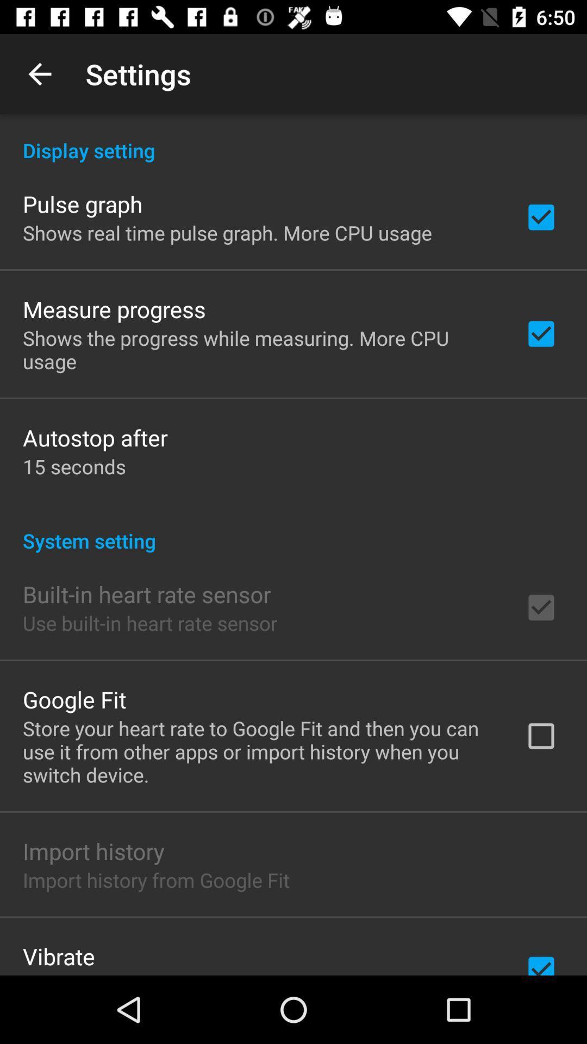  What do you see at coordinates (259, 350) in the screenshot?
I see `the shows the progress icon` at bounding box center [259, 350].